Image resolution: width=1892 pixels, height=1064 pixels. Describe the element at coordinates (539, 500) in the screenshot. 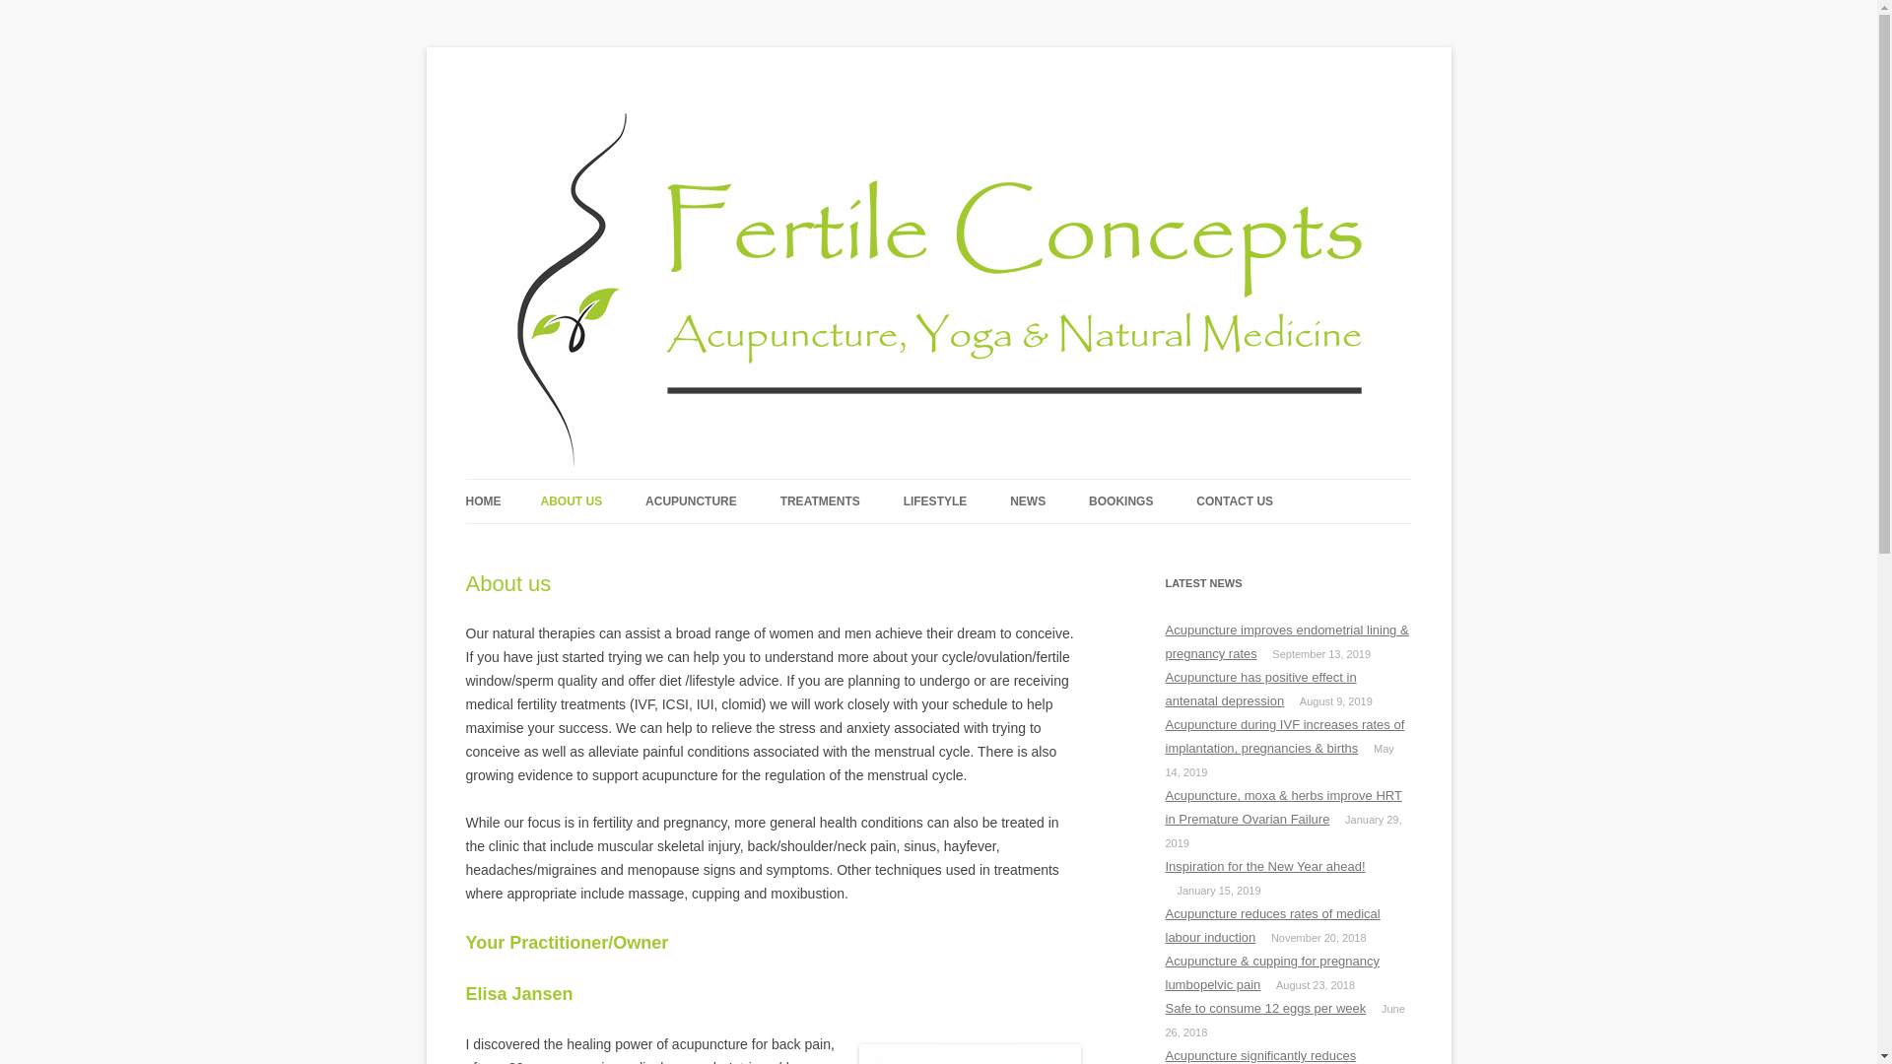

I see `'ABOUT US'` at that location.